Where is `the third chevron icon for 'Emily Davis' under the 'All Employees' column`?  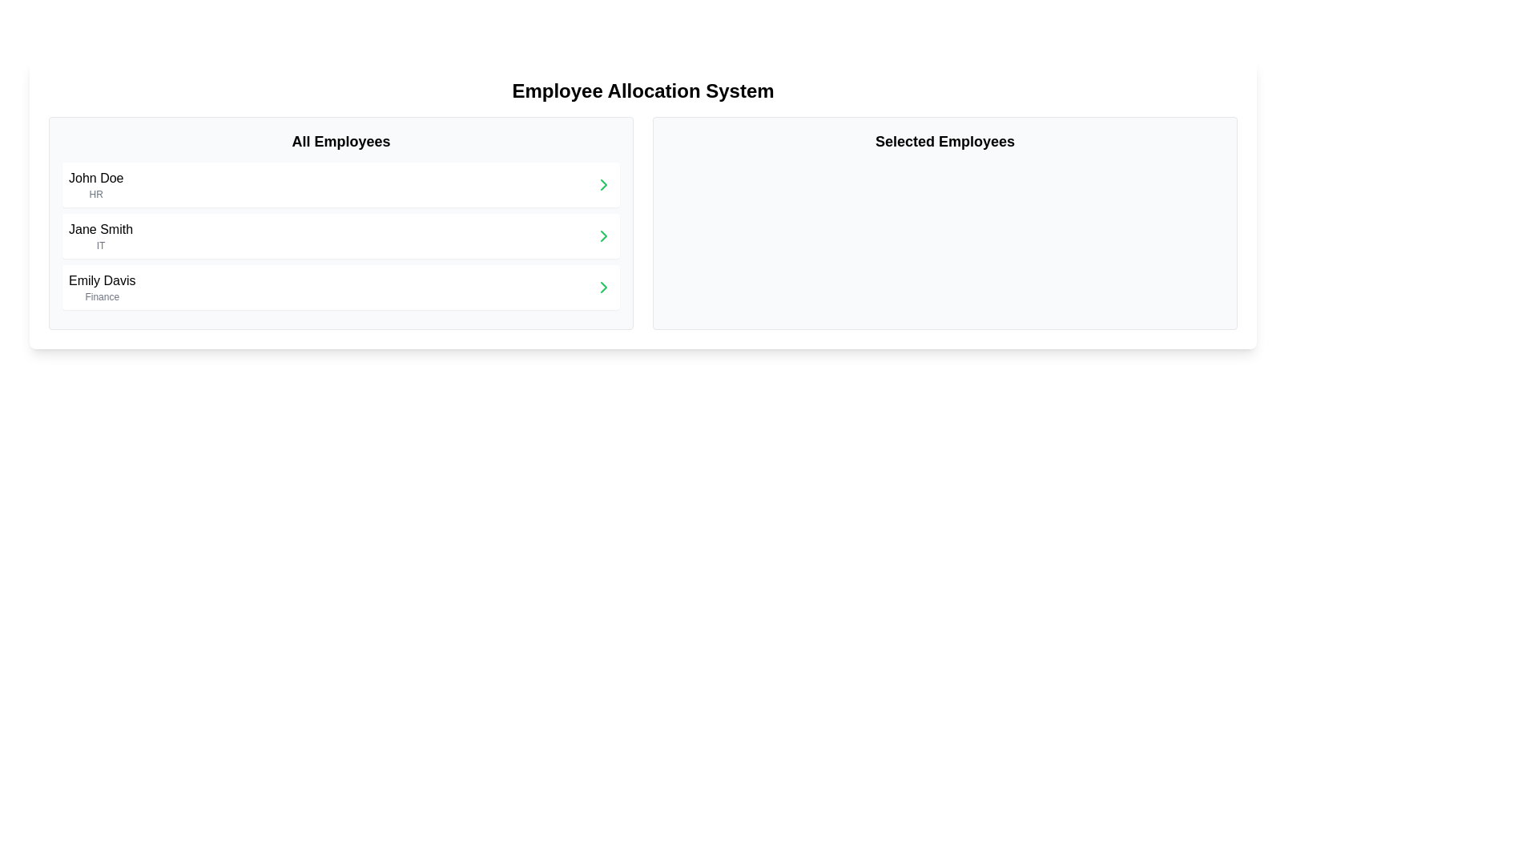
the third chevron icon for 'Emily Davis' under the 'All Employees' column is located at coordinates (602, 286).